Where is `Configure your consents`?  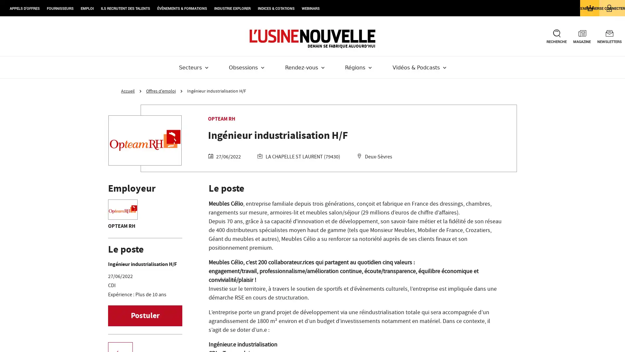 Configure your consents is located at coordinates (279, 235).